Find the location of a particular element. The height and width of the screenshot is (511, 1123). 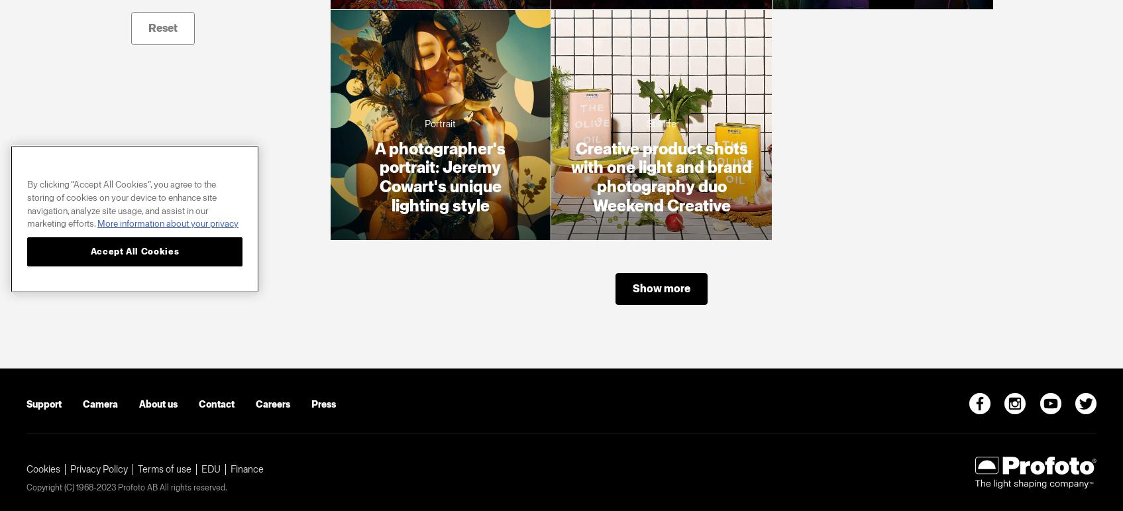

'Privacy Policy' is located at coordinates (99, 468).